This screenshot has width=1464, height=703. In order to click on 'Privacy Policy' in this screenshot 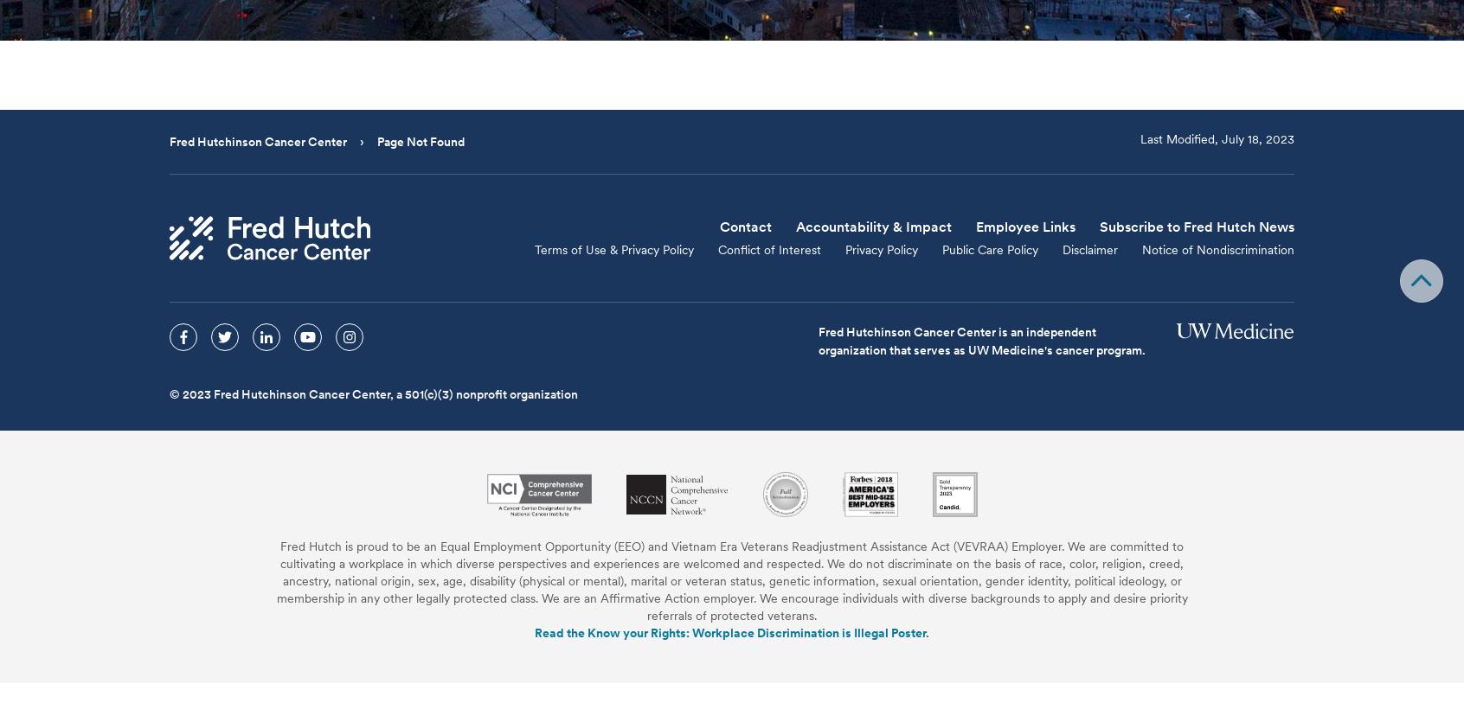, I will do `click(880, 249)`.